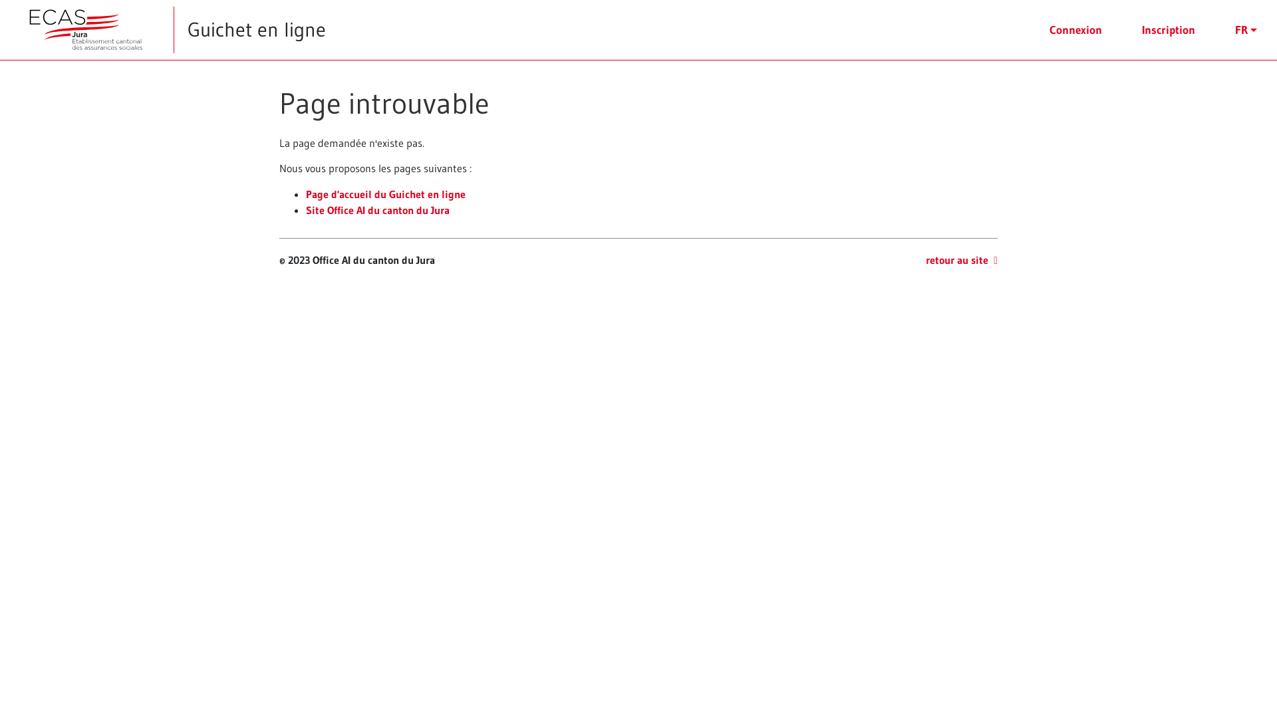  Describe the element at coordinates (1075, 30) in the screenshot. I see `'Connexion'` at that location.